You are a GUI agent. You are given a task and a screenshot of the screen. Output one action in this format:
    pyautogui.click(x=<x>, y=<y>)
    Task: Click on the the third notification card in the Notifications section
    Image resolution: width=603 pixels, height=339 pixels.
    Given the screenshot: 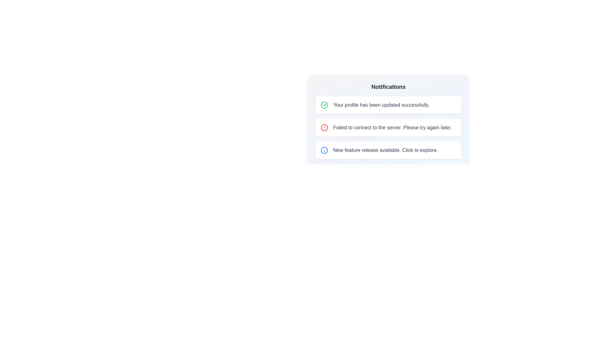 What is the action you would take?
    pyautogui.click(x=388, y=150)
    